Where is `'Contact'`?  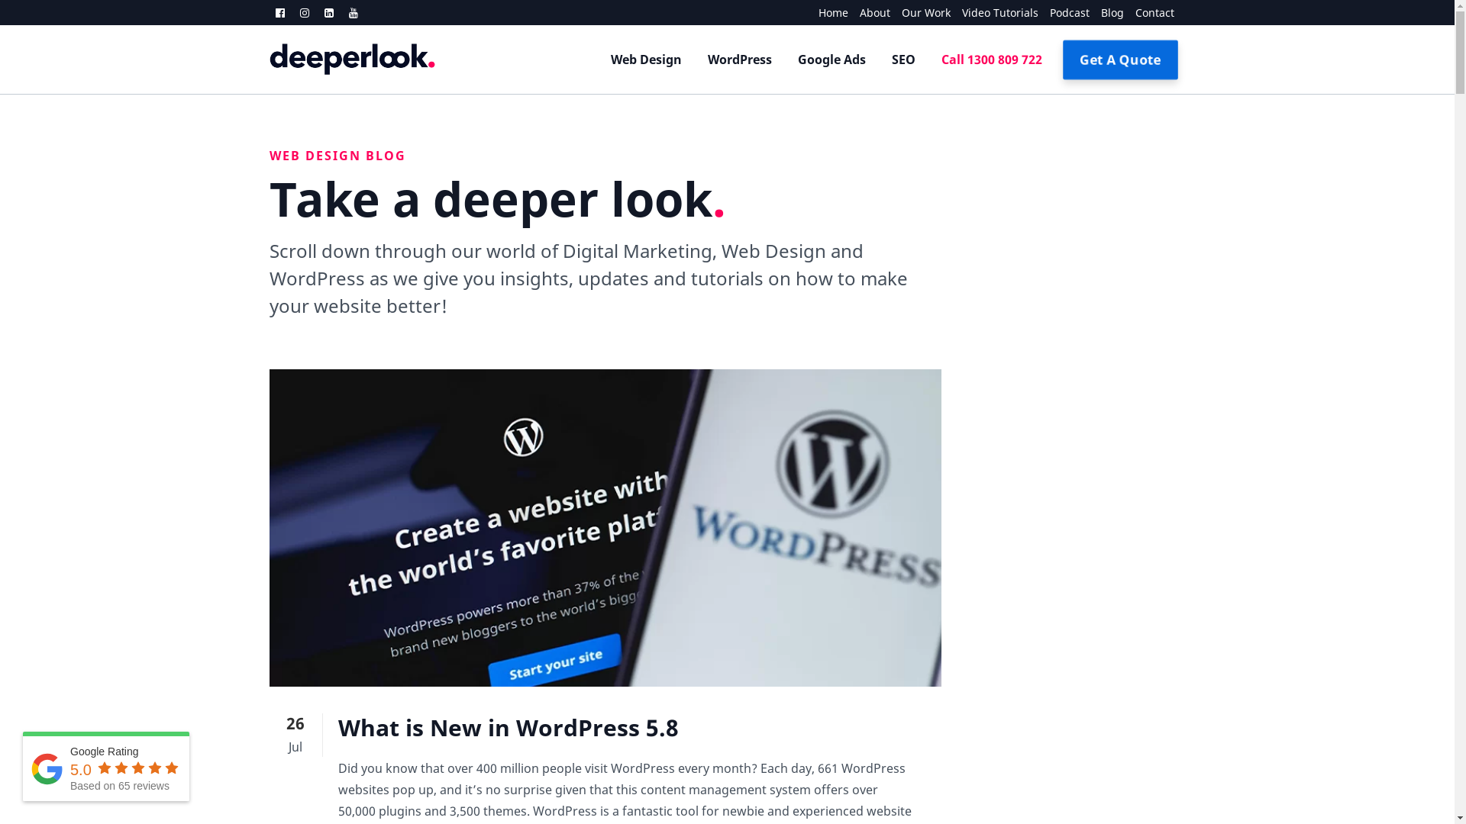 'Contact' is located at coordinates (1124, 12).